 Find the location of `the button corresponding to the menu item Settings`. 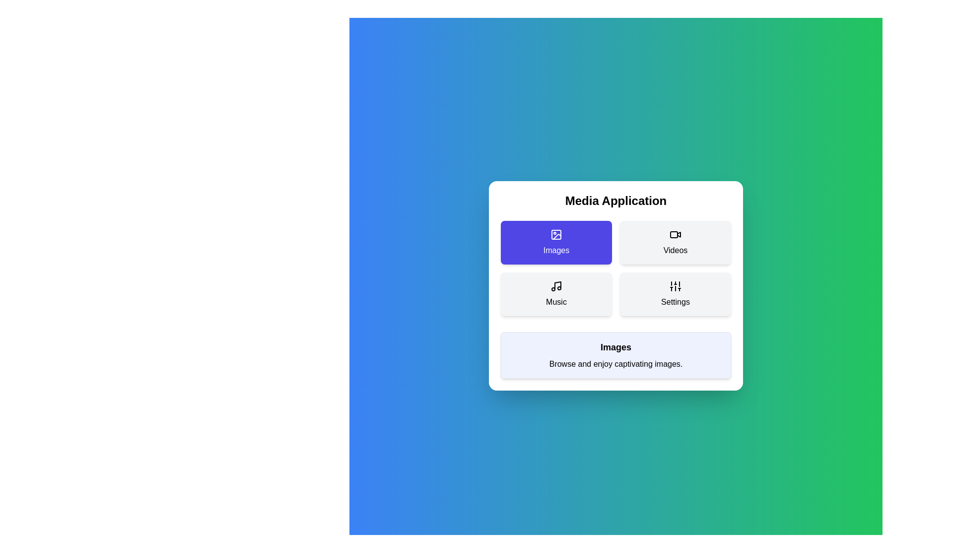

the button corresponding to the menu item Settings is located at coordinates (675, 294).